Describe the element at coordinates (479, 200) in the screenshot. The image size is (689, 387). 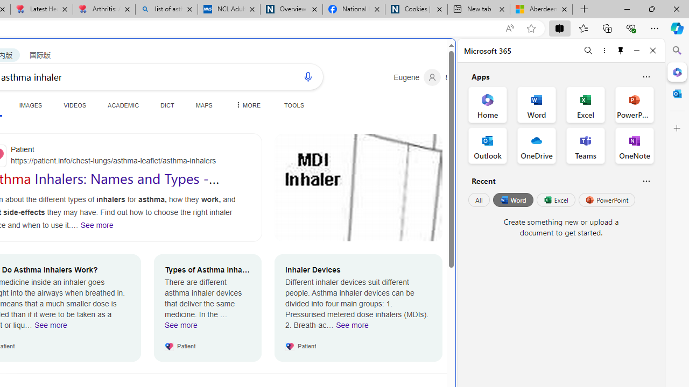
I see `'All'` at that location.